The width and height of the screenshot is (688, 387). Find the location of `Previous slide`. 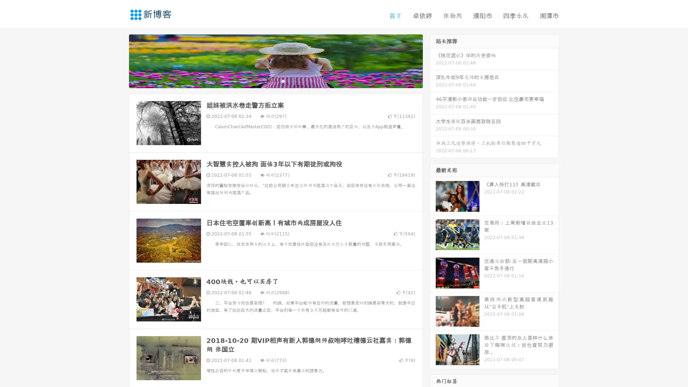

Previous slide is located at coordinates (118, 60).